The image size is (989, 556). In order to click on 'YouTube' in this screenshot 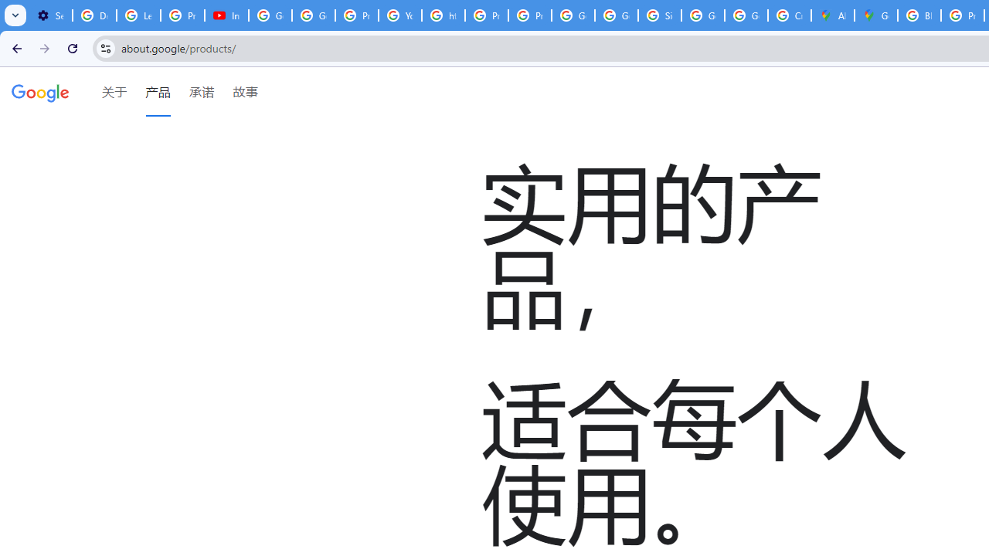, I will do `click(400, 15)`.